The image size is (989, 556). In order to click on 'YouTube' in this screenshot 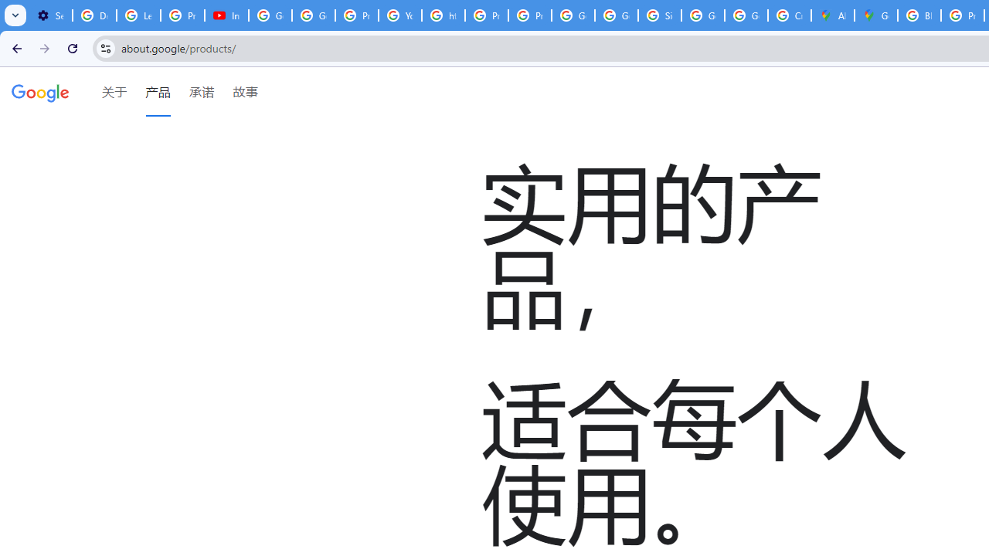, I will do `click(400, 15)`.